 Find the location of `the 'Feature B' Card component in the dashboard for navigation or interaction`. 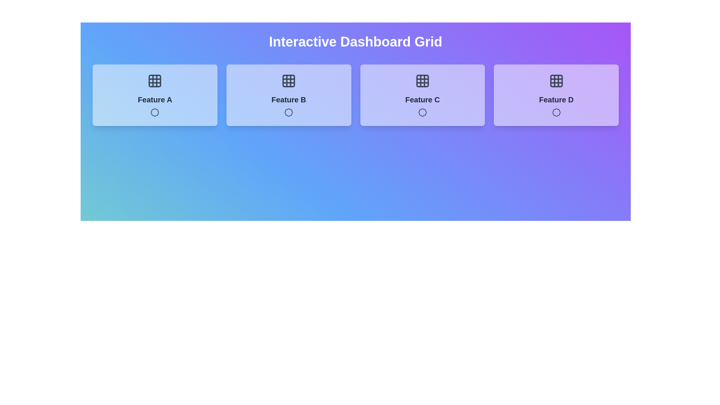

the 'Feature B' Card component in the dashboard for navigation or interaction is located at coordinates (288, 95).